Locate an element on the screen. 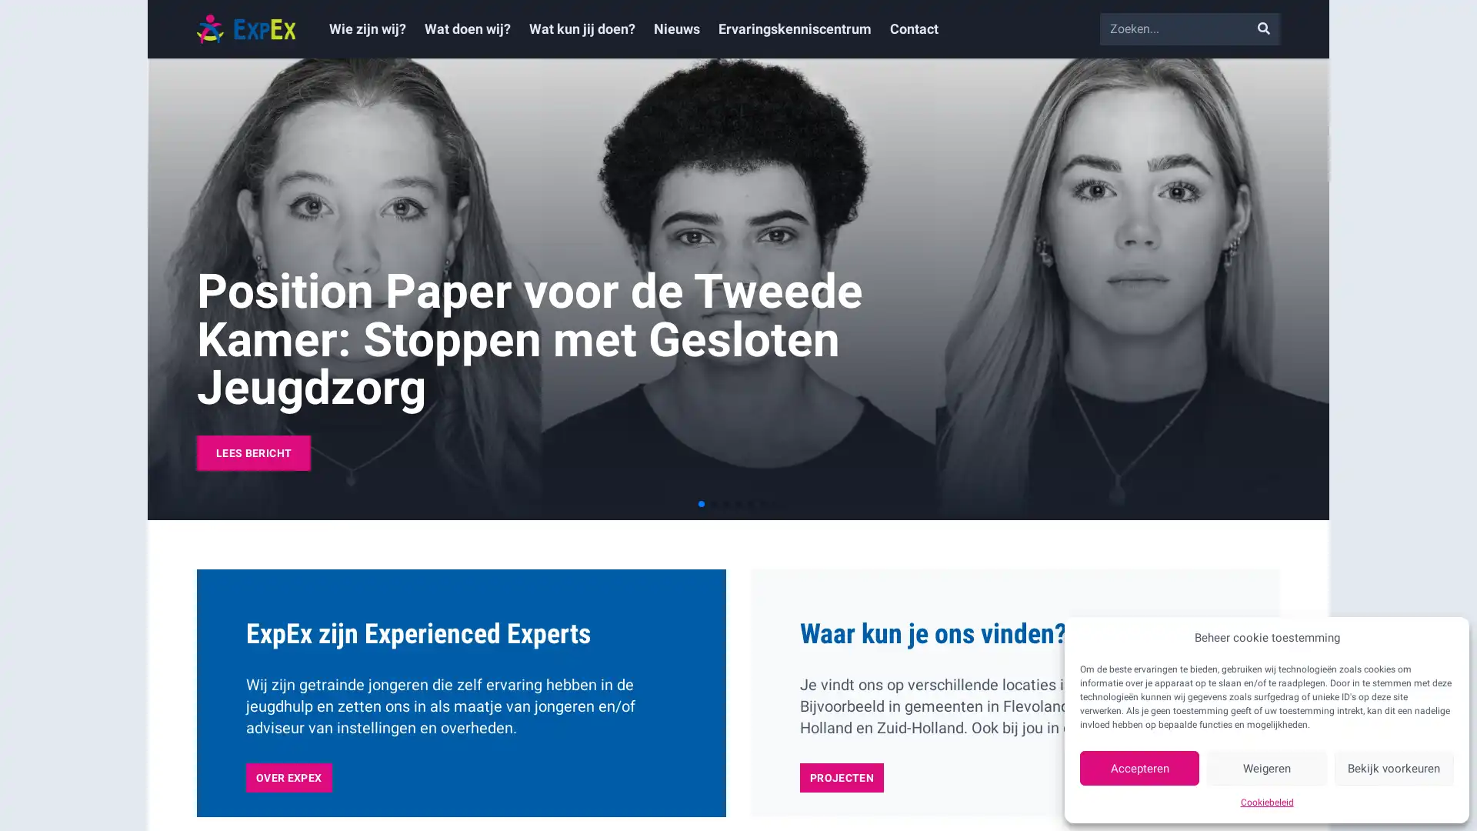  Go to slide 1 is located at coordinates (701, 504).